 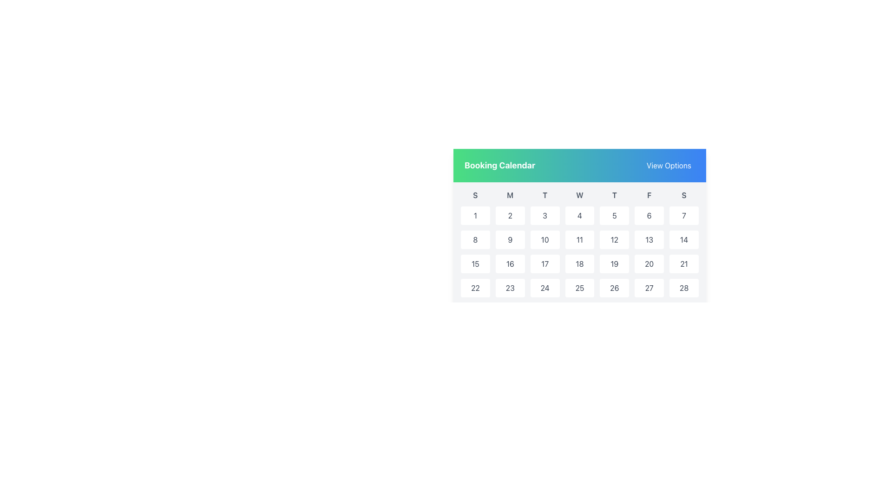 What do you see at coordinates (579, 264) in the screenshot?
I see `the date element representing the date in the calendar grid, located in the middle of the row for the third week under the 'W' column header` at bounding box center [579, 264].